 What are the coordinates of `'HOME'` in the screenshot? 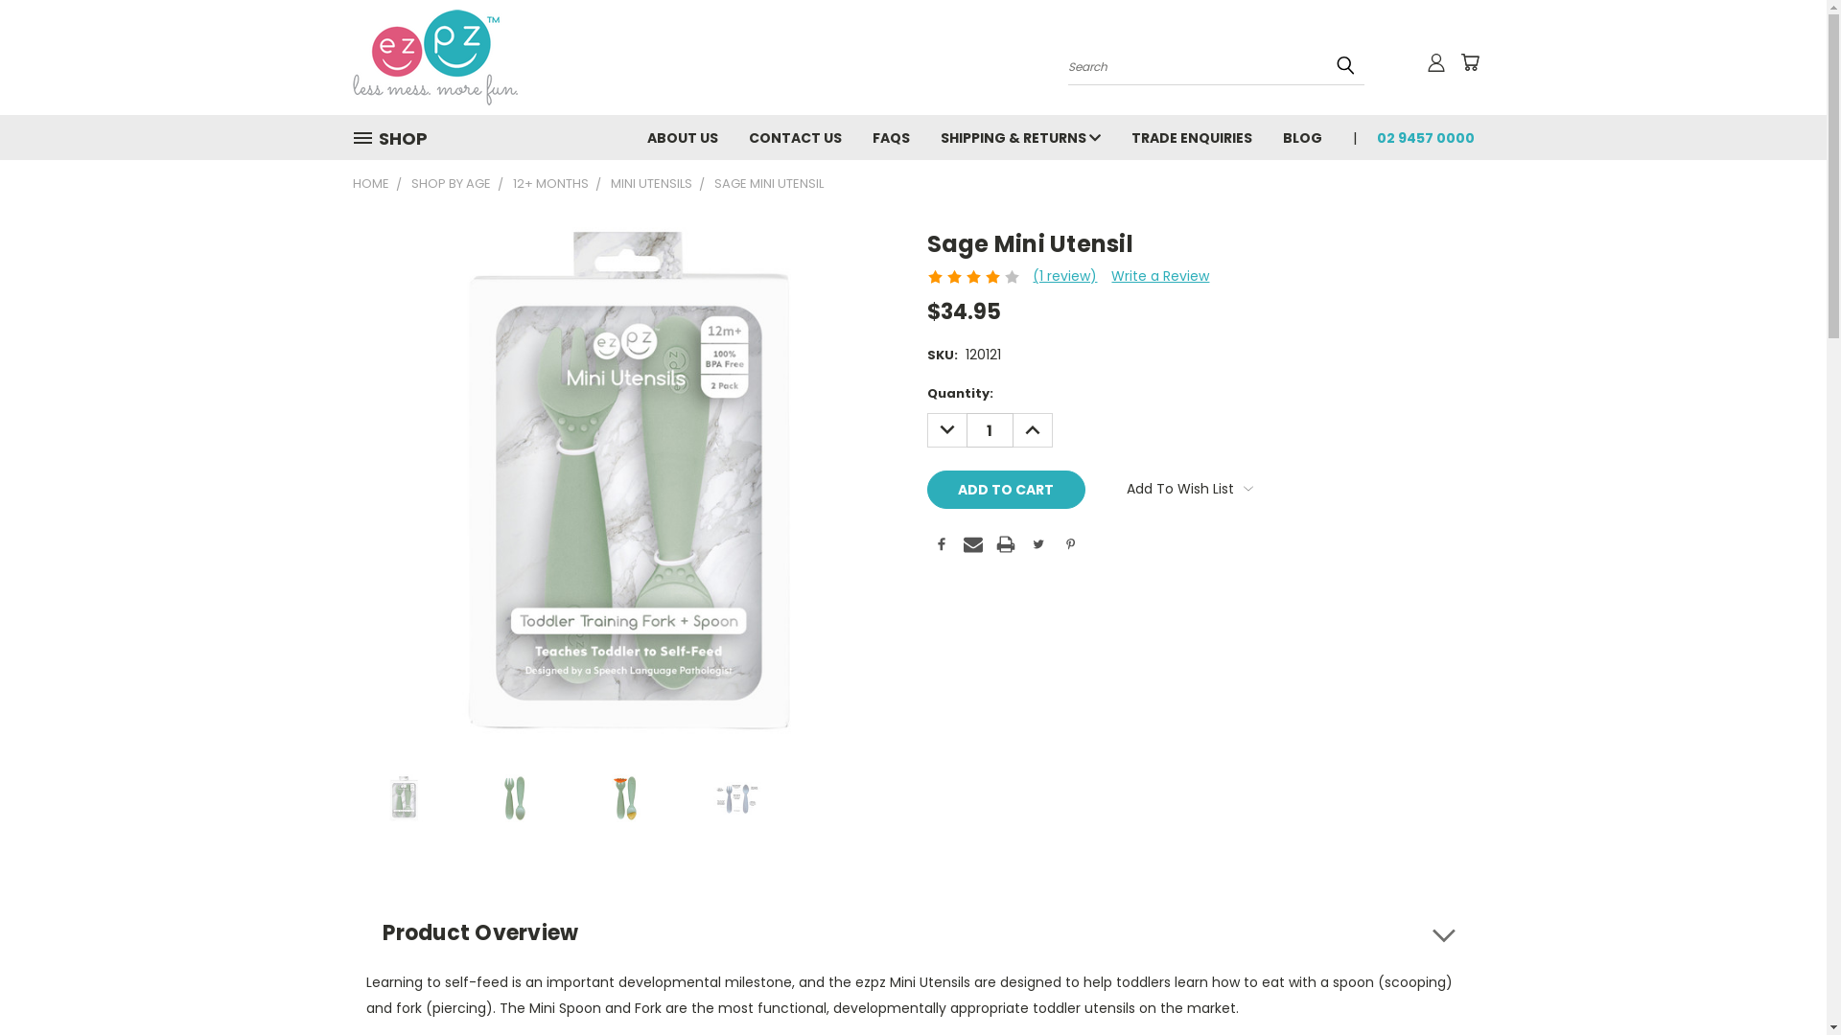 It's located at (371, 183).